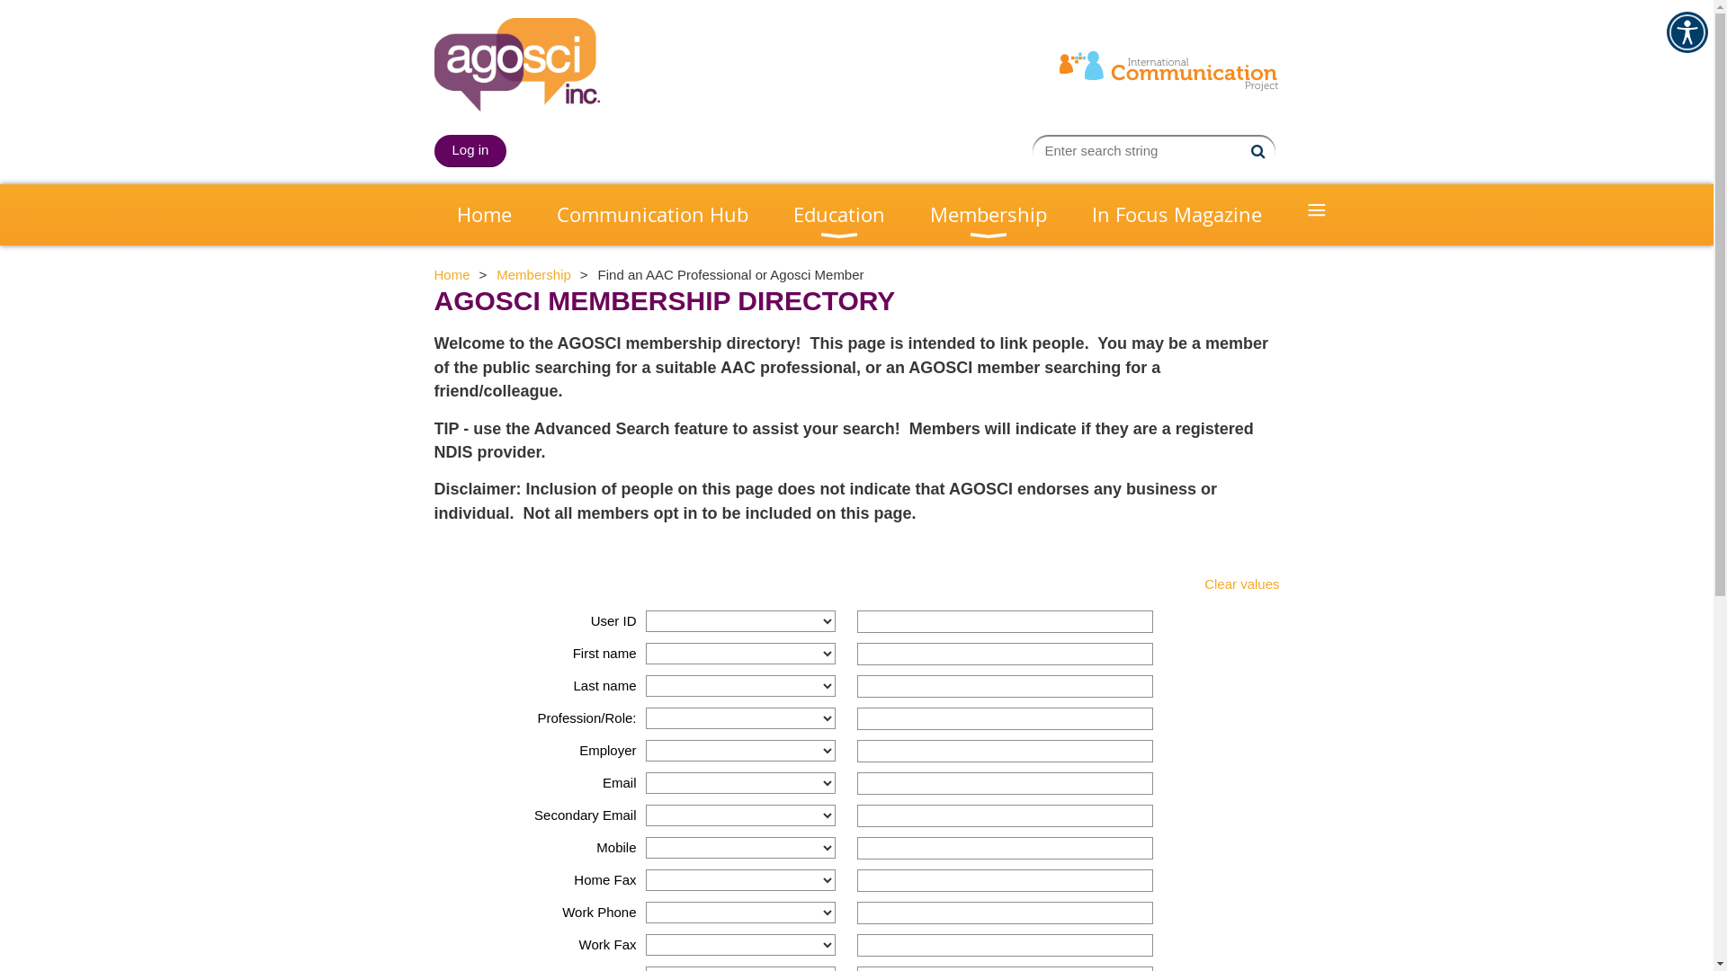 This screenshot has height=971, width=1727. What do you see at coordinates (987, 214) in the screenshot?
I see `'Membership'` at bounding box center [987, 214].